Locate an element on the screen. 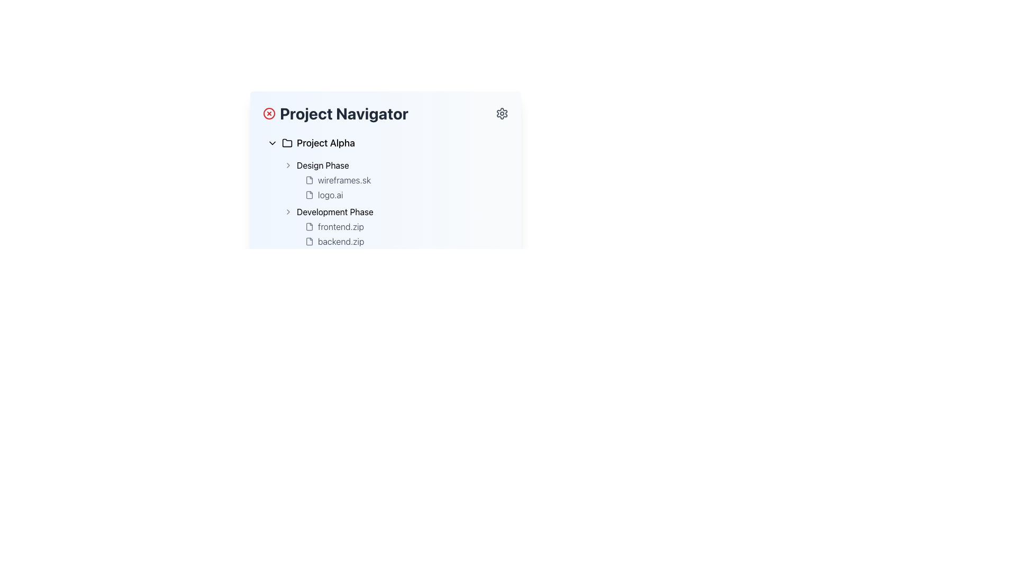  the file entry labeled 'frontend.zip' under the 'Development Phase' section is located at coordinates (404, 226).